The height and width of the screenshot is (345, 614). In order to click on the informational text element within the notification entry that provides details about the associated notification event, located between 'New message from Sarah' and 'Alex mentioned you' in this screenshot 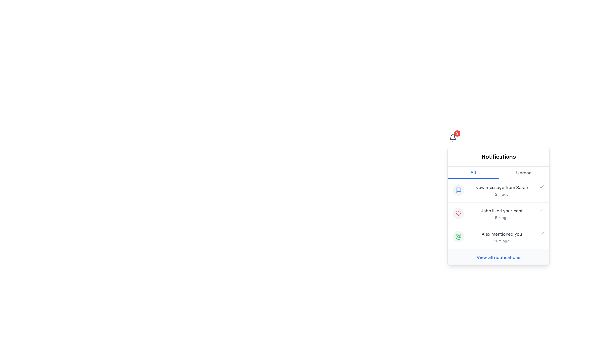, I will do `click(501, 214)`.